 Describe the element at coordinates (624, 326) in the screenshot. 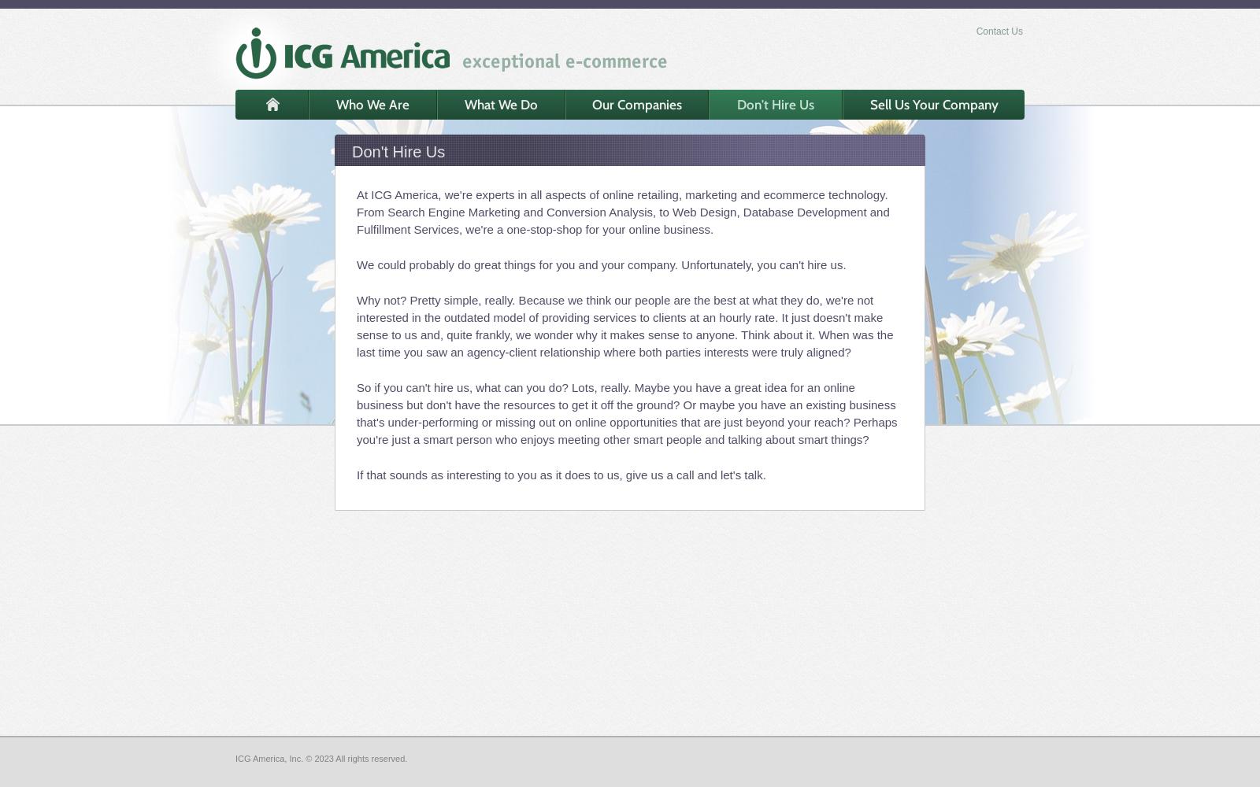

I see `'Why not? Pretty simple, really. Because we think our people are the best at what they do, we're not interested in the outdated model of providing services to clients at an hourly rate. It just doesn't make sense to us and, quite frankly, we wonder why it makes sense to anyone.  Think about it. When was the last time you saw an agency-client relationship where both parties interests were truly aligned?'` at that location.